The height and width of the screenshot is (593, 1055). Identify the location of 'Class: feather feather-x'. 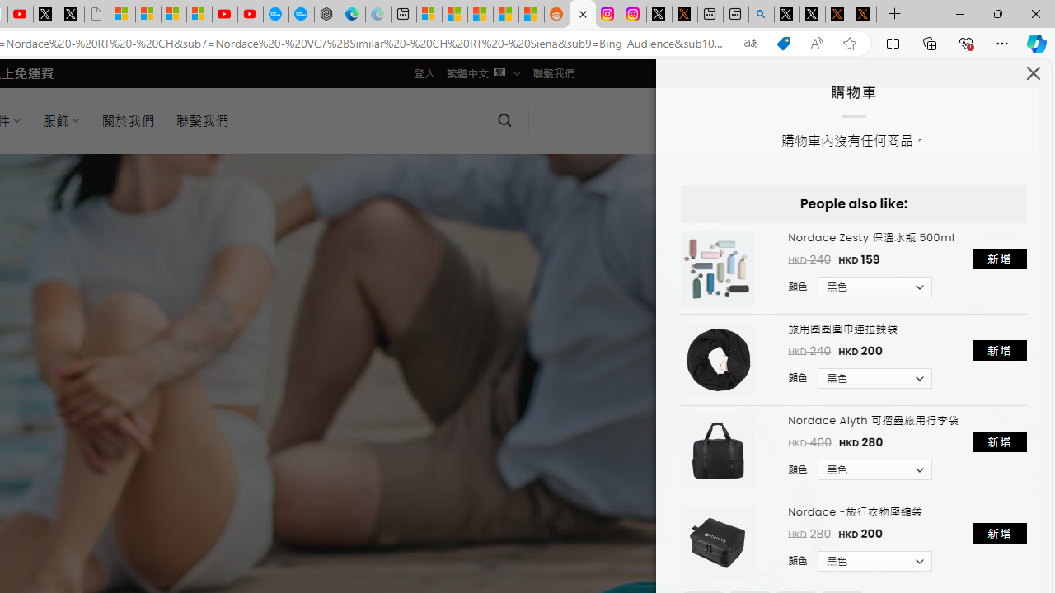
(1033, 72).